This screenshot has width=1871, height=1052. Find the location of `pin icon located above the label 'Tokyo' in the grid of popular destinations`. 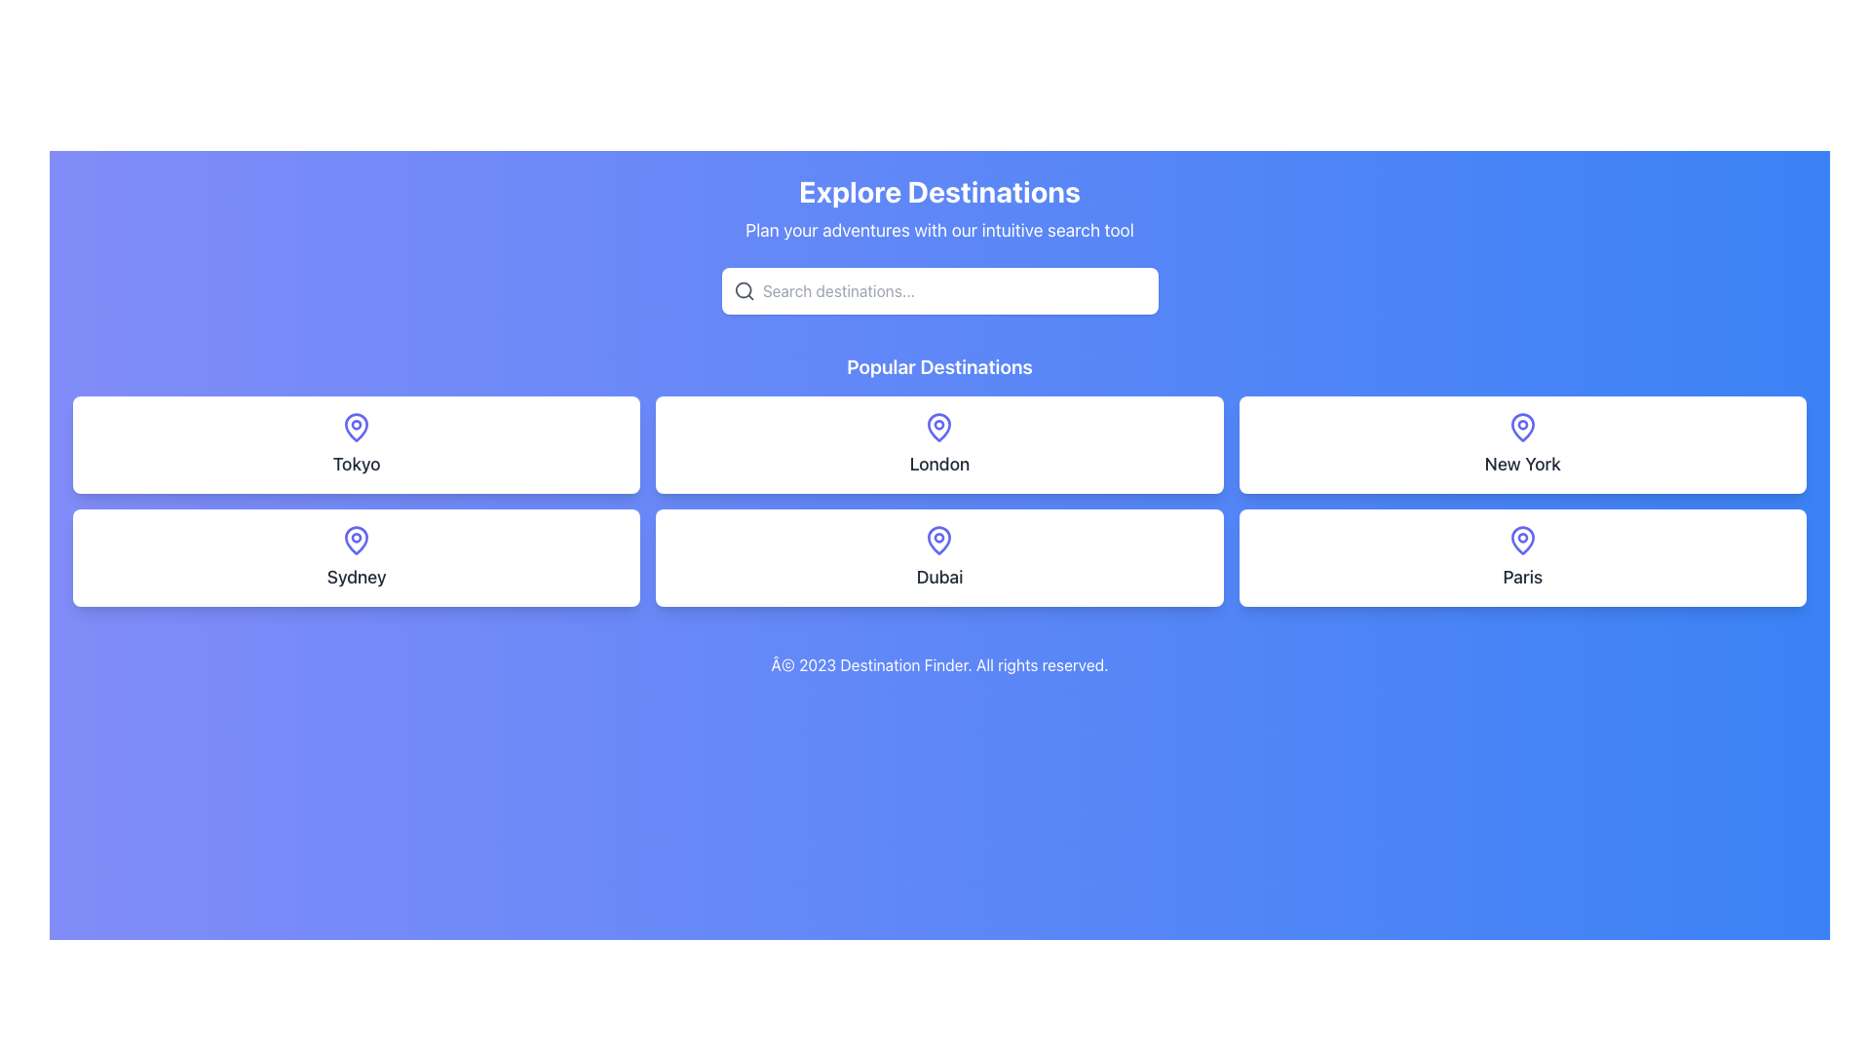

pin icon located above the label 'Tokyo' in the grid of popular destinations is located at coordinates (357, 427).